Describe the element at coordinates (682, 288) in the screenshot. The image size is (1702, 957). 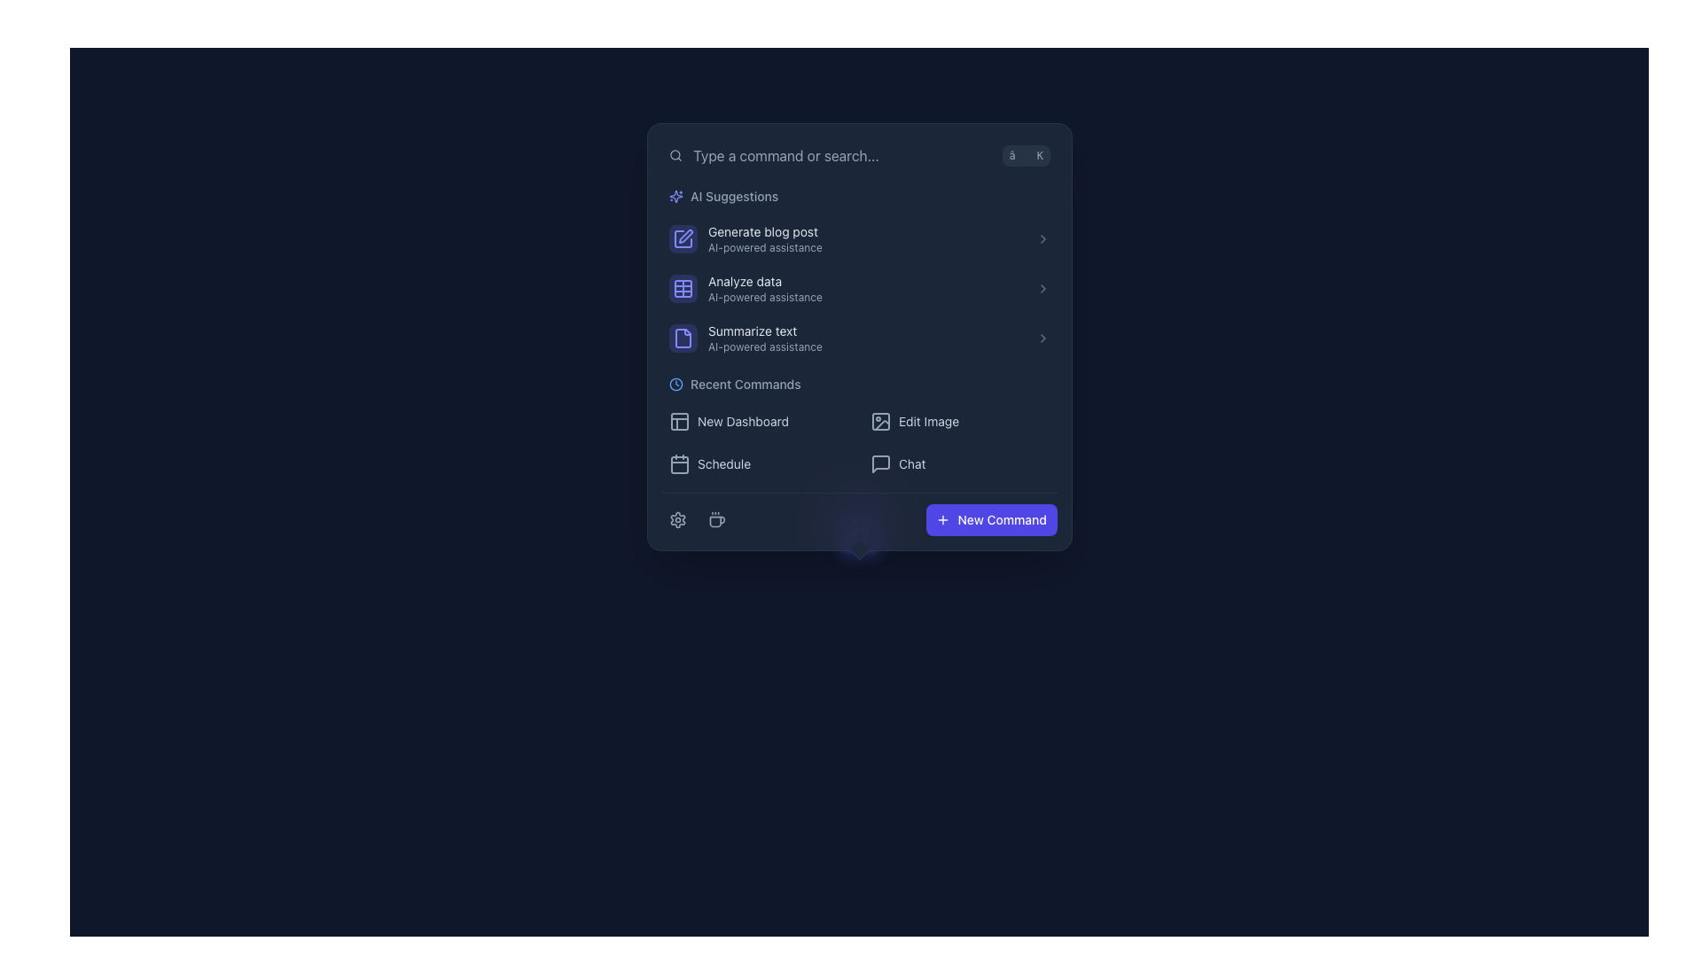
I see `the 'Analyze data' icon located to the left of the text content` at that location.